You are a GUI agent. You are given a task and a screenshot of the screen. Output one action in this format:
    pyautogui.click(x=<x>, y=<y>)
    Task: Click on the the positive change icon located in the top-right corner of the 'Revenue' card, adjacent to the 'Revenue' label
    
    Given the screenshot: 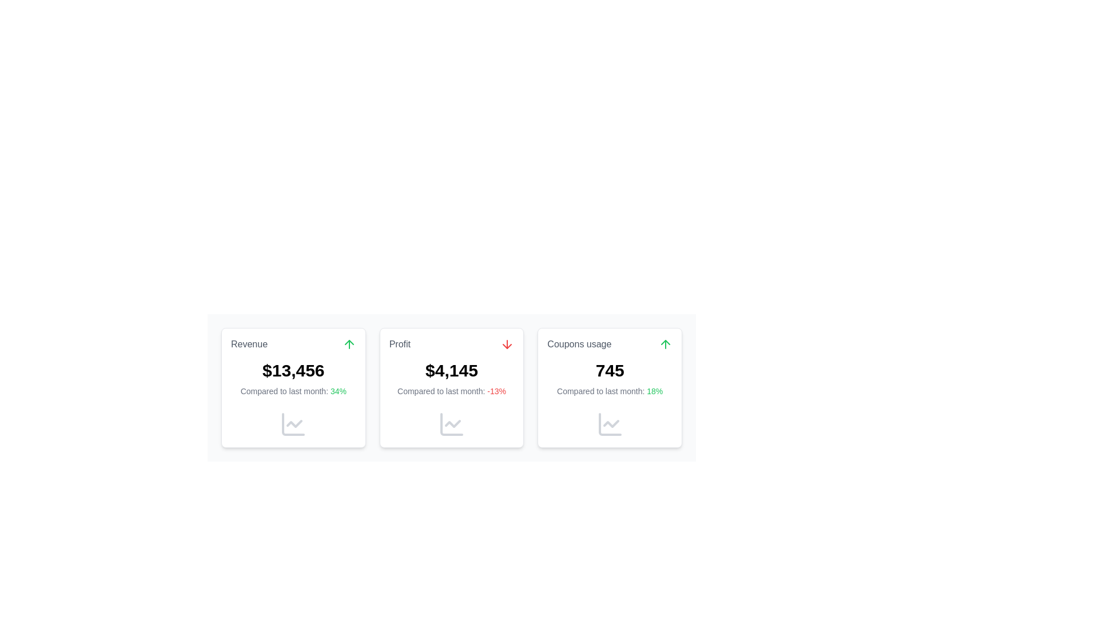 What is the action you would take?
    pyautogui.click(x=348, y=343)
    